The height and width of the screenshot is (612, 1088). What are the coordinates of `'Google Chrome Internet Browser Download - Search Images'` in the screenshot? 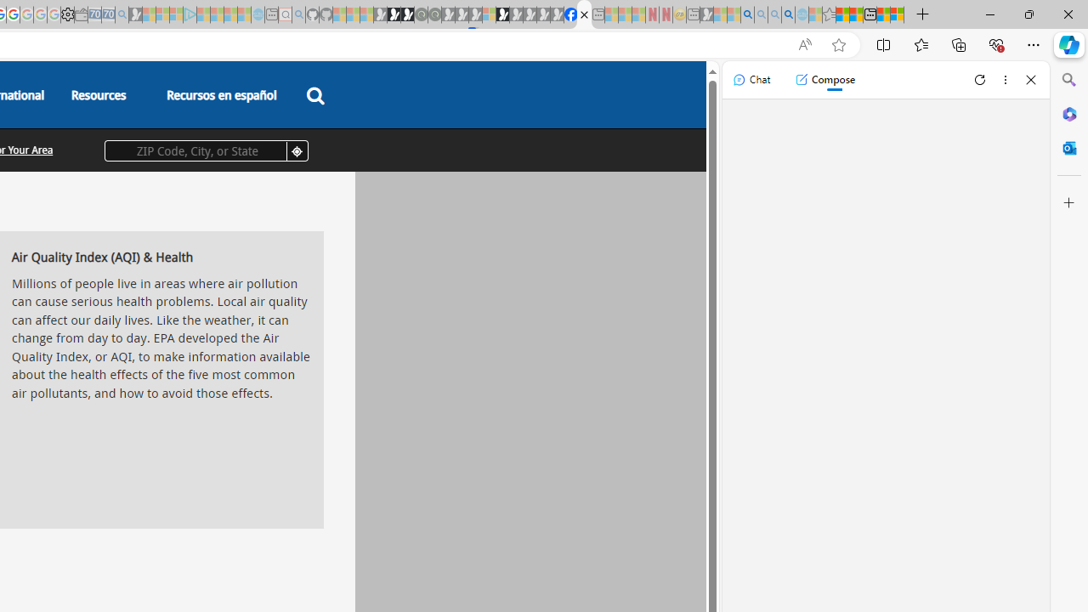 It's located at (788, 14).